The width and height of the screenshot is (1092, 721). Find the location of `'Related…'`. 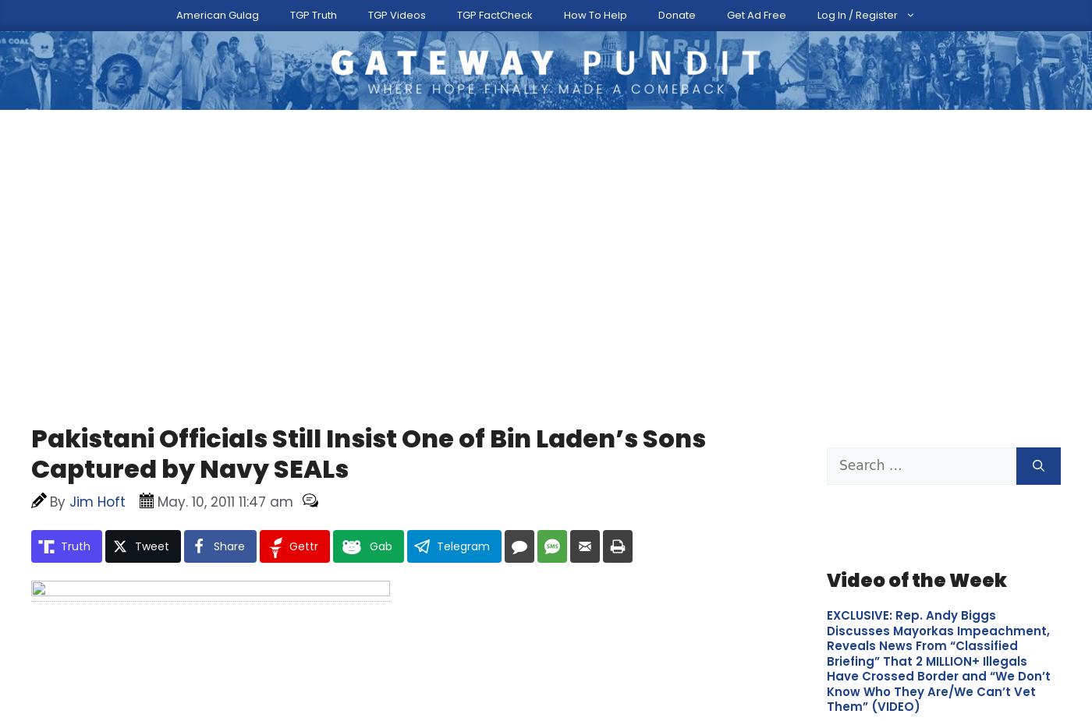

'Related…' is located at coordinates (67, 307).